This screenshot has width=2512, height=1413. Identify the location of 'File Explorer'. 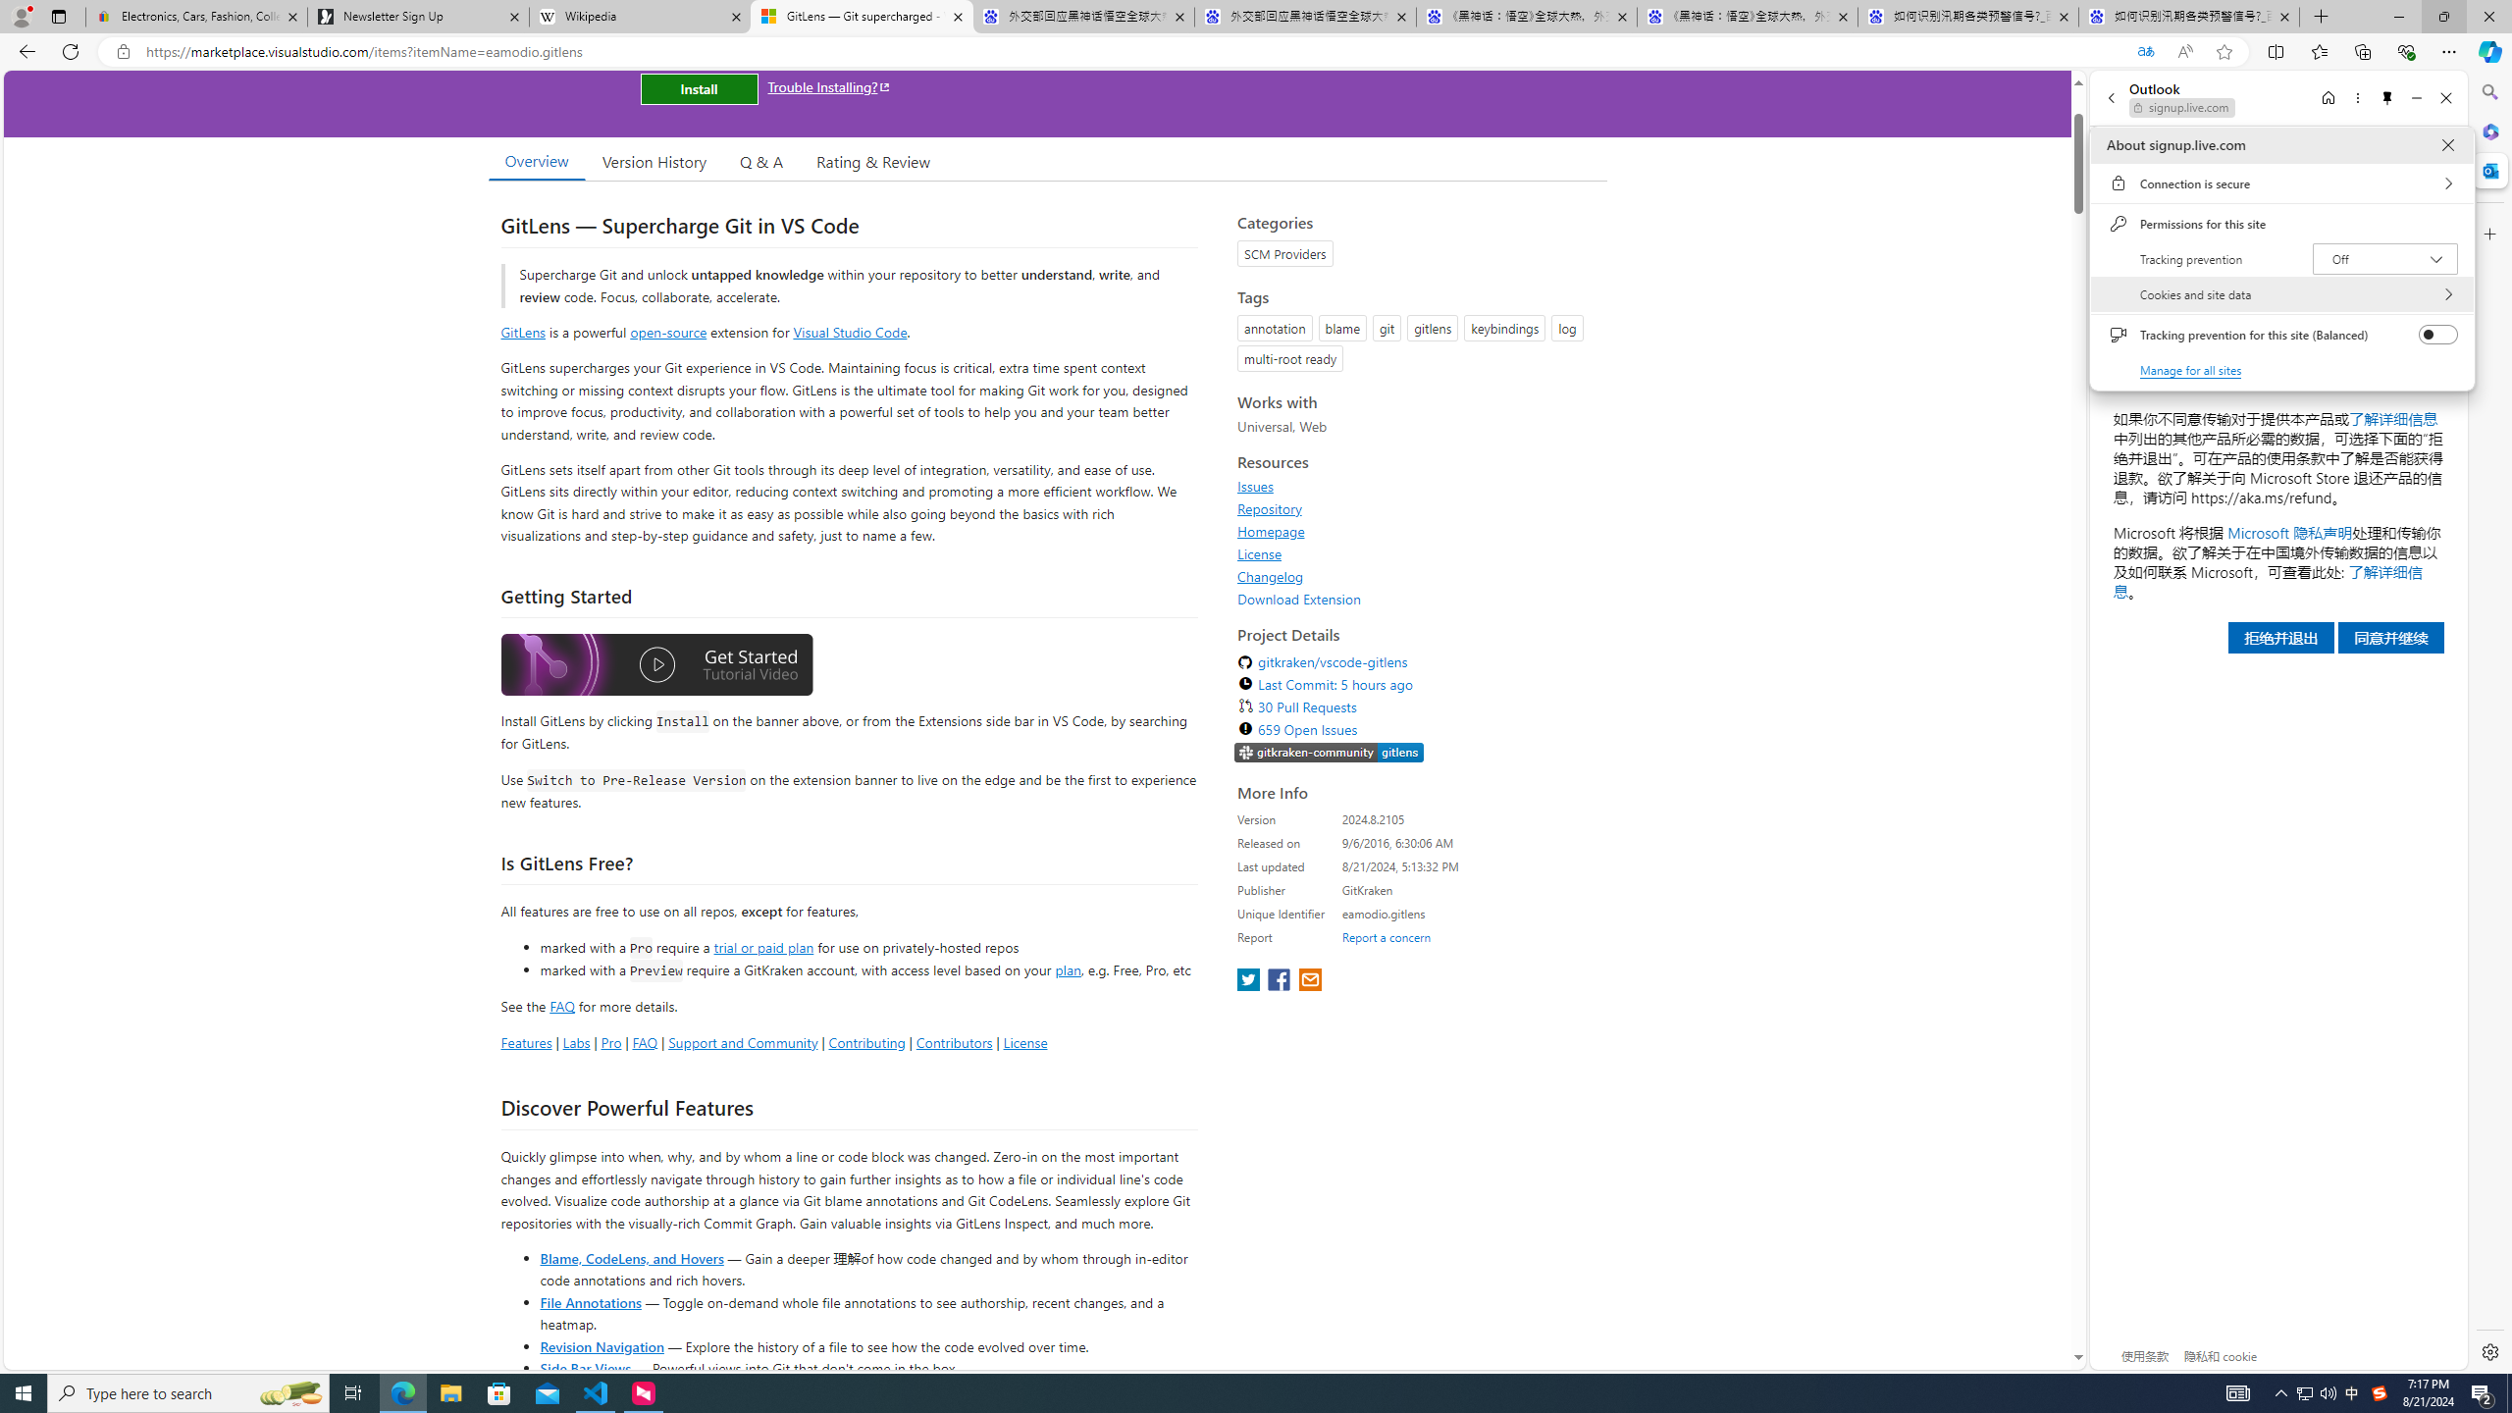
(449, 1391).